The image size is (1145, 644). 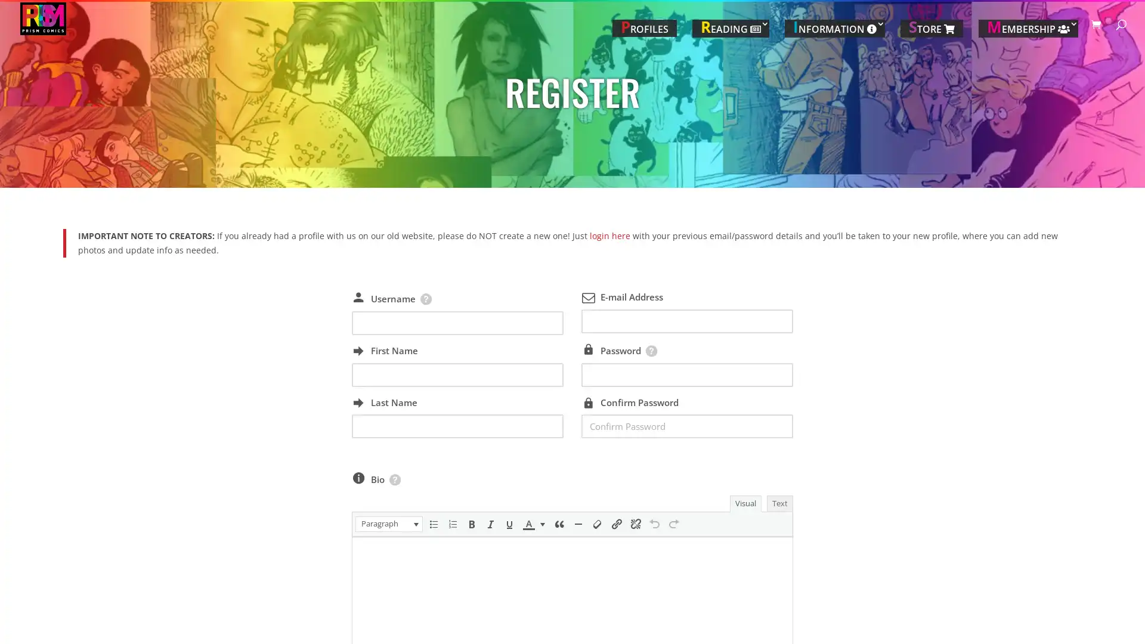 I want to click on Paragraph, so click(x=388, y=524).